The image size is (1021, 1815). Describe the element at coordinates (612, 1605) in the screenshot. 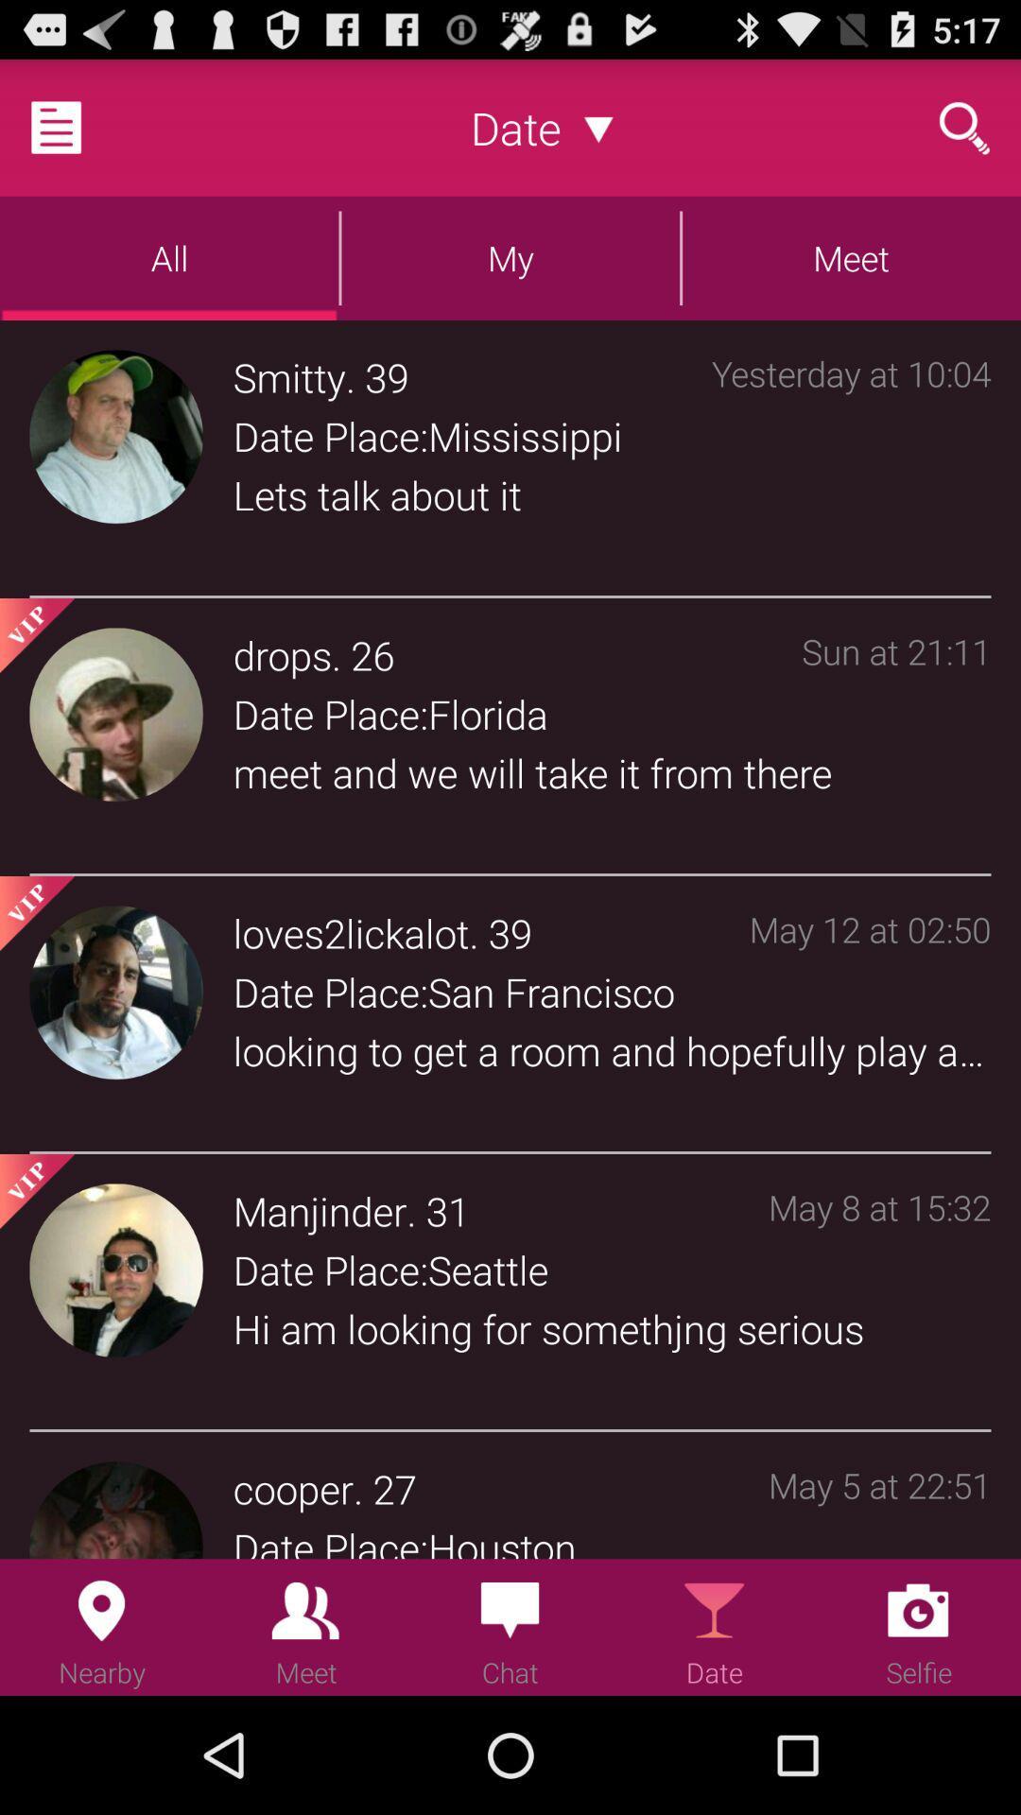

I see `the icon below the date place:houston app` at that location.